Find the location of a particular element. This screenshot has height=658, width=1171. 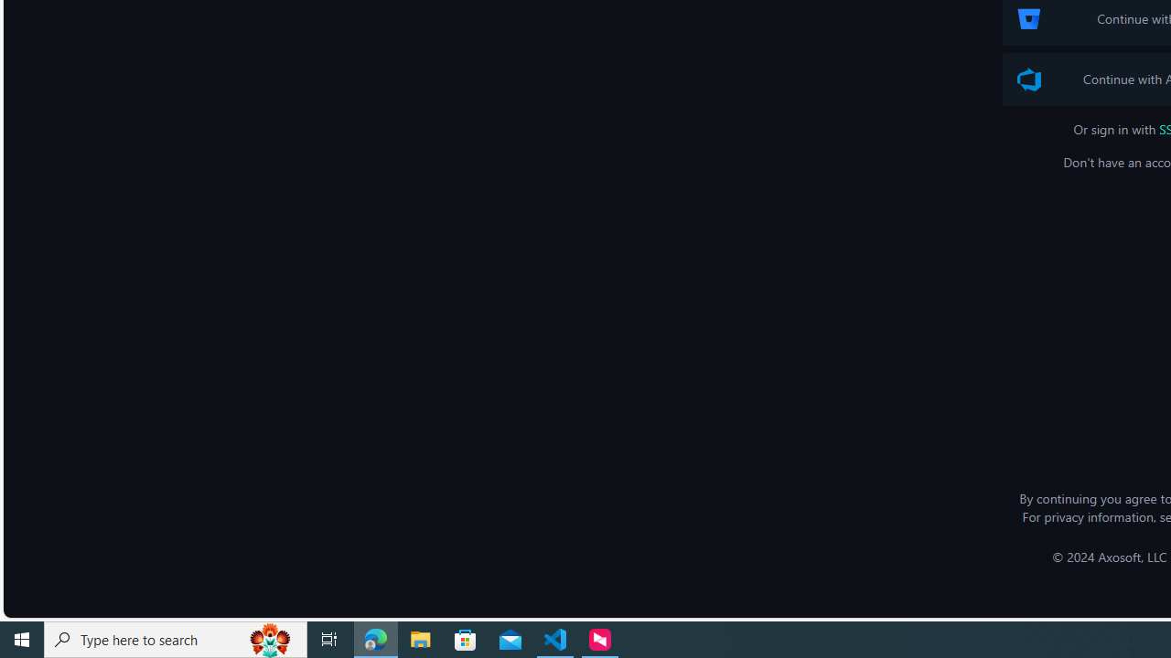

'Microsoft Store' is located at coordinates (466, 638).